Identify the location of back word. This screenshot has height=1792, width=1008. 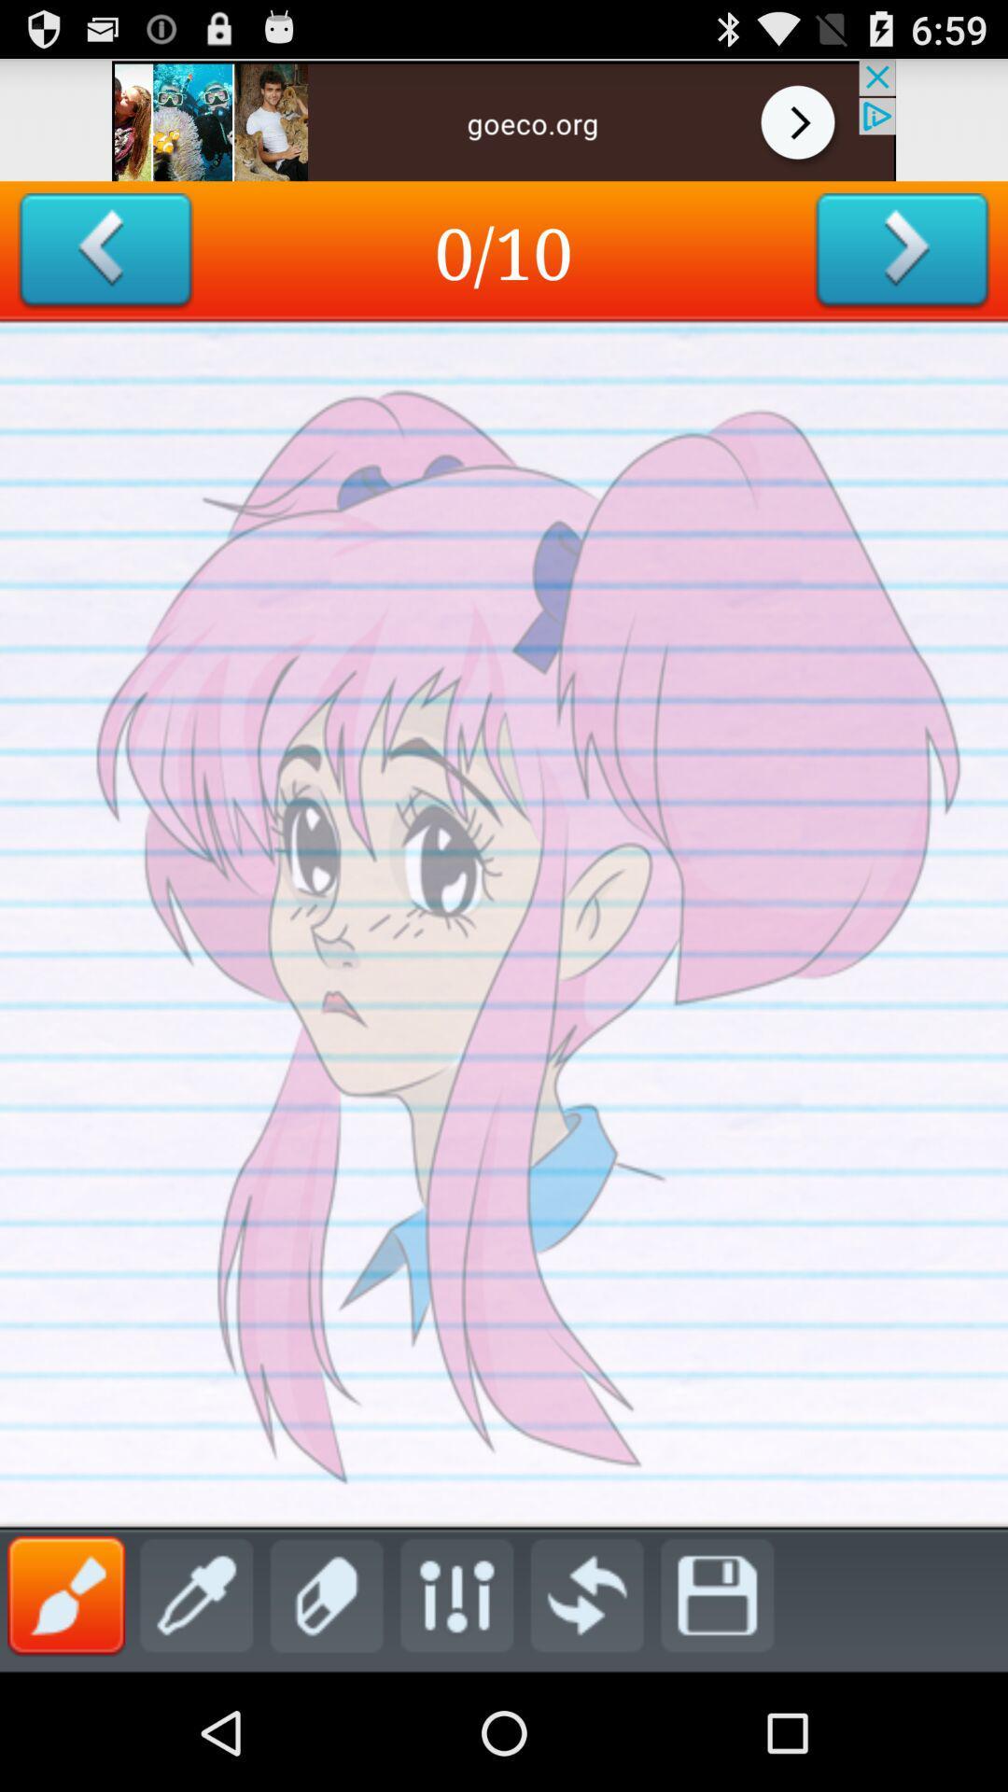
(105, 250).